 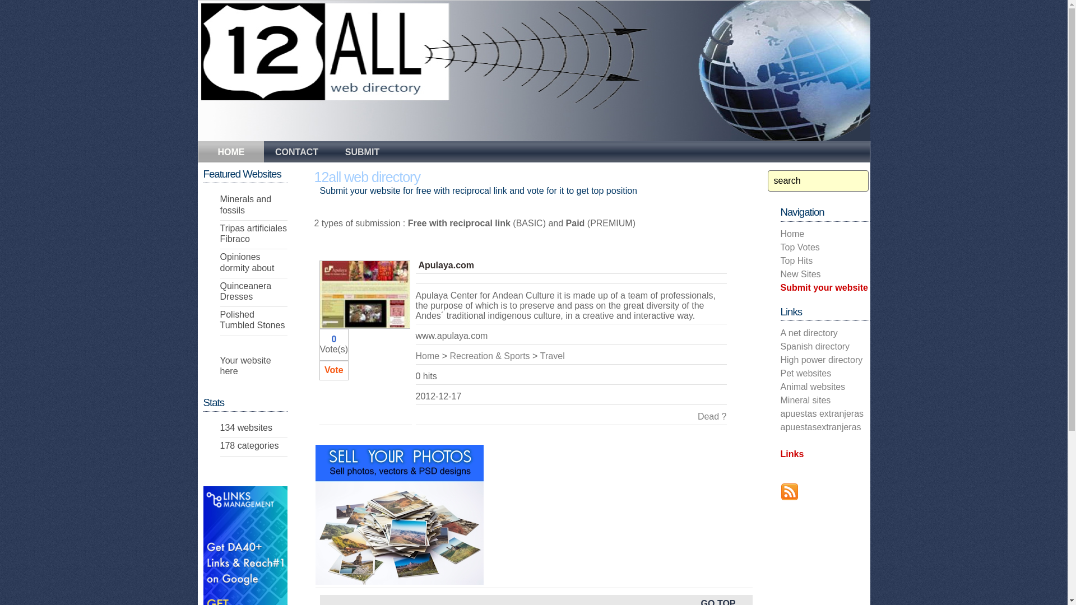 I want to click on 'Travel', so click(x=540, y=356).